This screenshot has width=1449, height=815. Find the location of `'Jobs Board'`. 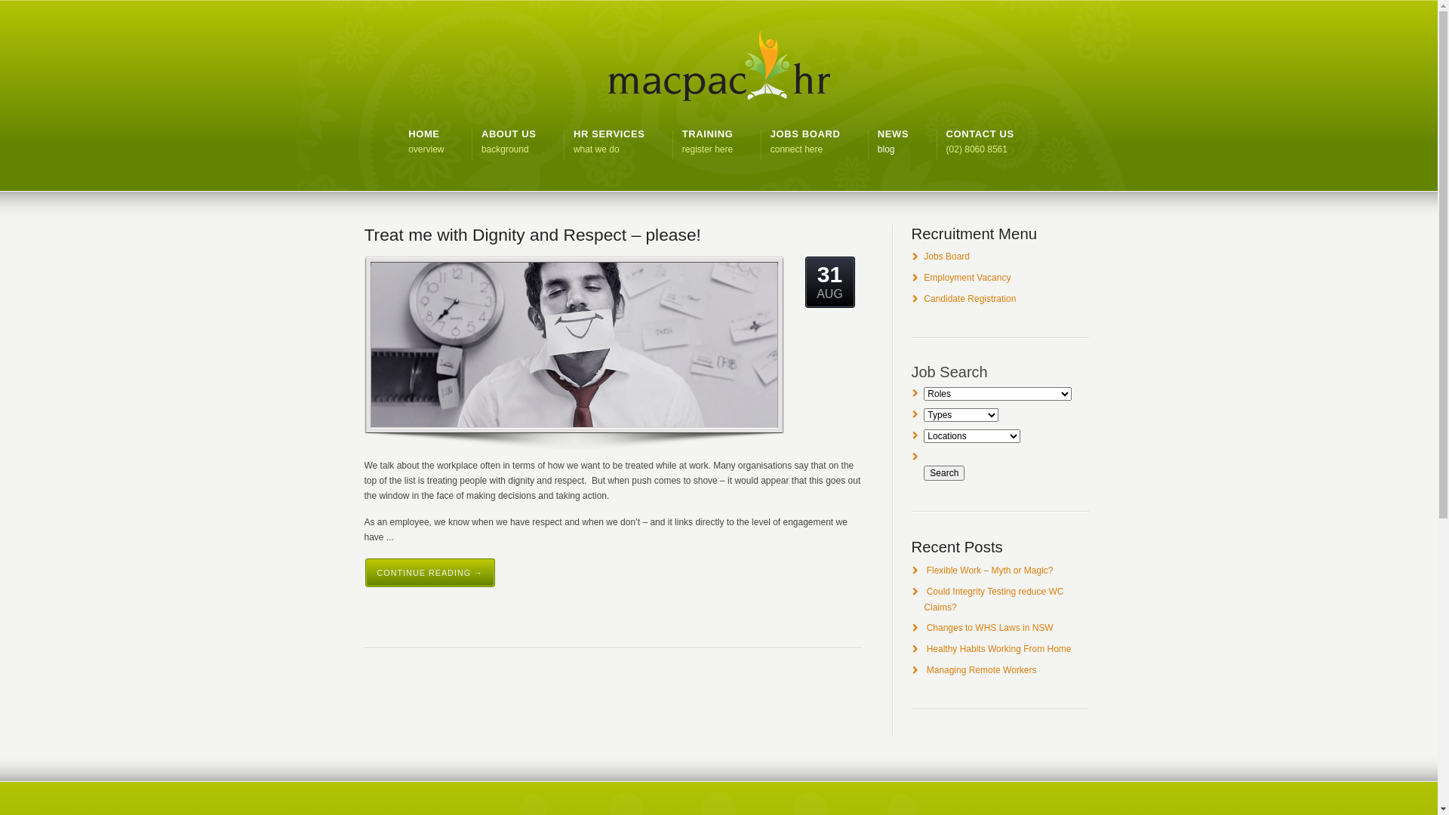

'Jobs Board' is located at coordinates (946, 255).